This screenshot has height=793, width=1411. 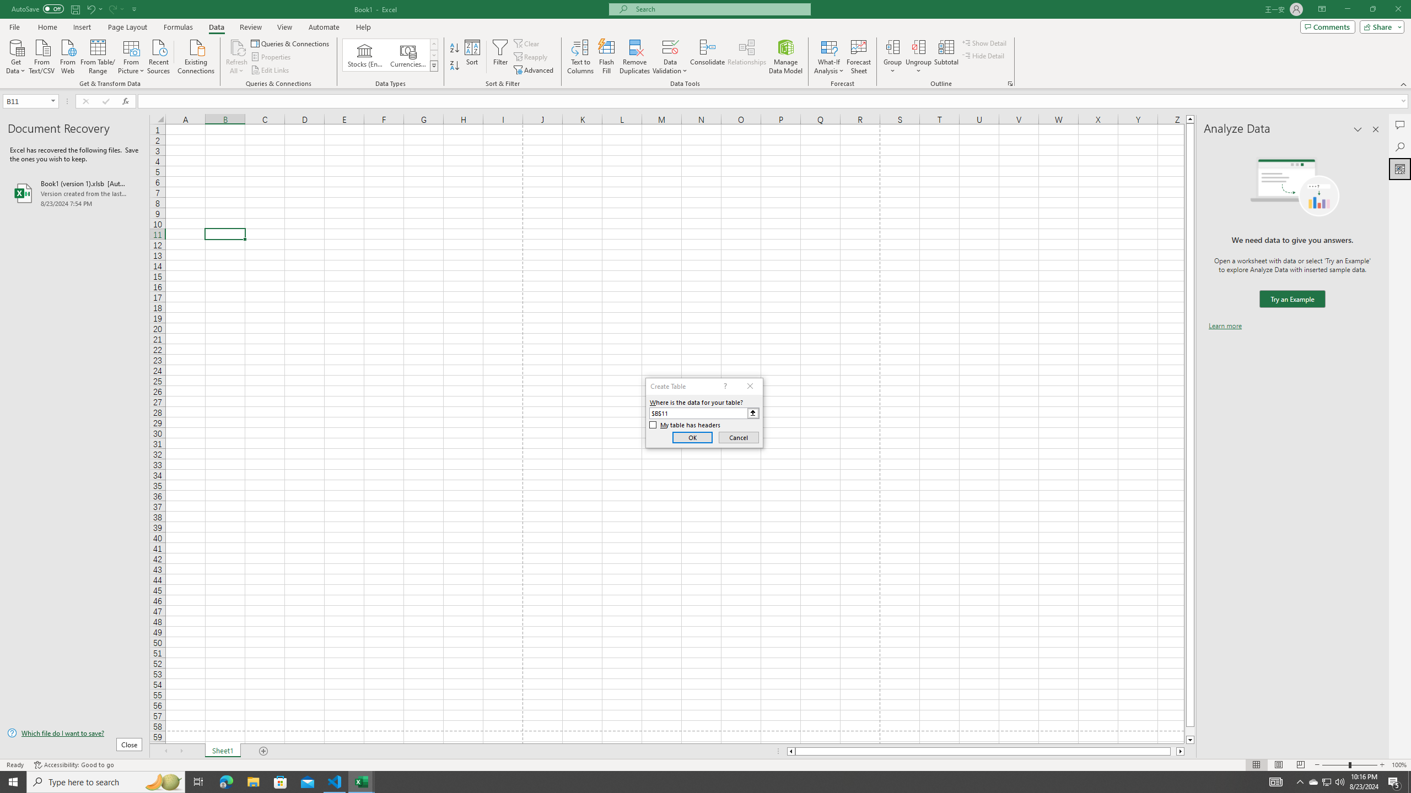 I want to click on 'Stocks (English)', so click(x=364, y=55).